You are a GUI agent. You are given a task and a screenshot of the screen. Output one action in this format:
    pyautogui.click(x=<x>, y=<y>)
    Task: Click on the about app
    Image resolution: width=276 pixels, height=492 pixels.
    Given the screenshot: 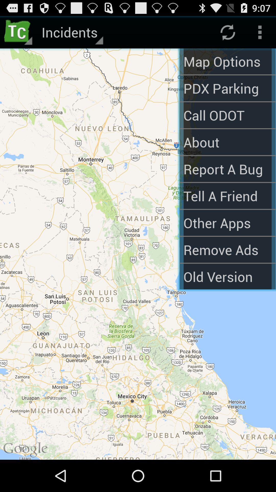 What is the action you would take?
    pyautogui.click(x=227, y=142)
    